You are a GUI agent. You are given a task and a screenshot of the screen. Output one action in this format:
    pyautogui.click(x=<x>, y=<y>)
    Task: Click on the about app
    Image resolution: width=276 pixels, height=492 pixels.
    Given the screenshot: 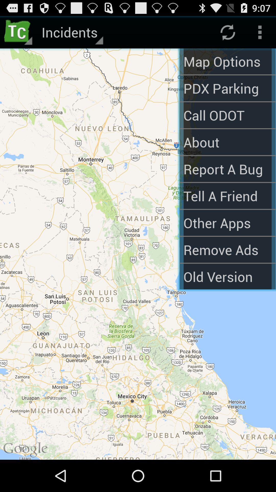 What is the action you would take?
    pyautogui.click(x=227, y=142)
    